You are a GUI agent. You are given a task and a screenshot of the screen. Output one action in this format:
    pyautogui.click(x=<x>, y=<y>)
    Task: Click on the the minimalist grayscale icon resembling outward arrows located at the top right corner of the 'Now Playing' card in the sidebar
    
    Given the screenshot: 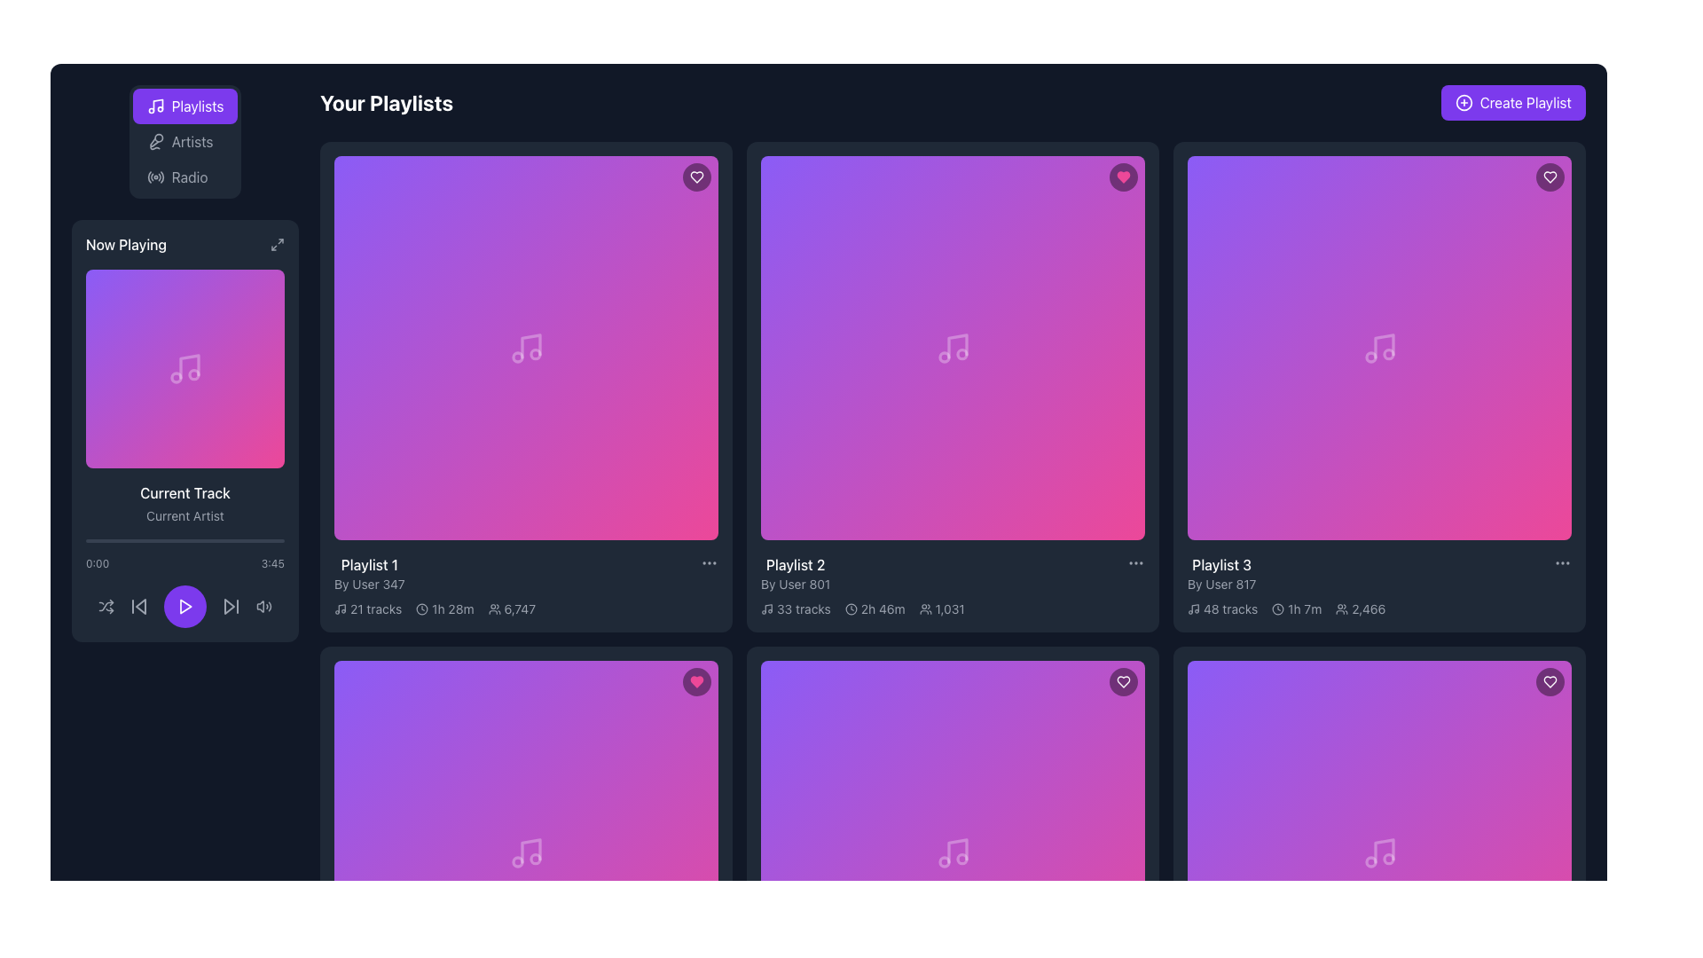 What is the action you would take?
    pyautogui.click(x=276, y=245)
    